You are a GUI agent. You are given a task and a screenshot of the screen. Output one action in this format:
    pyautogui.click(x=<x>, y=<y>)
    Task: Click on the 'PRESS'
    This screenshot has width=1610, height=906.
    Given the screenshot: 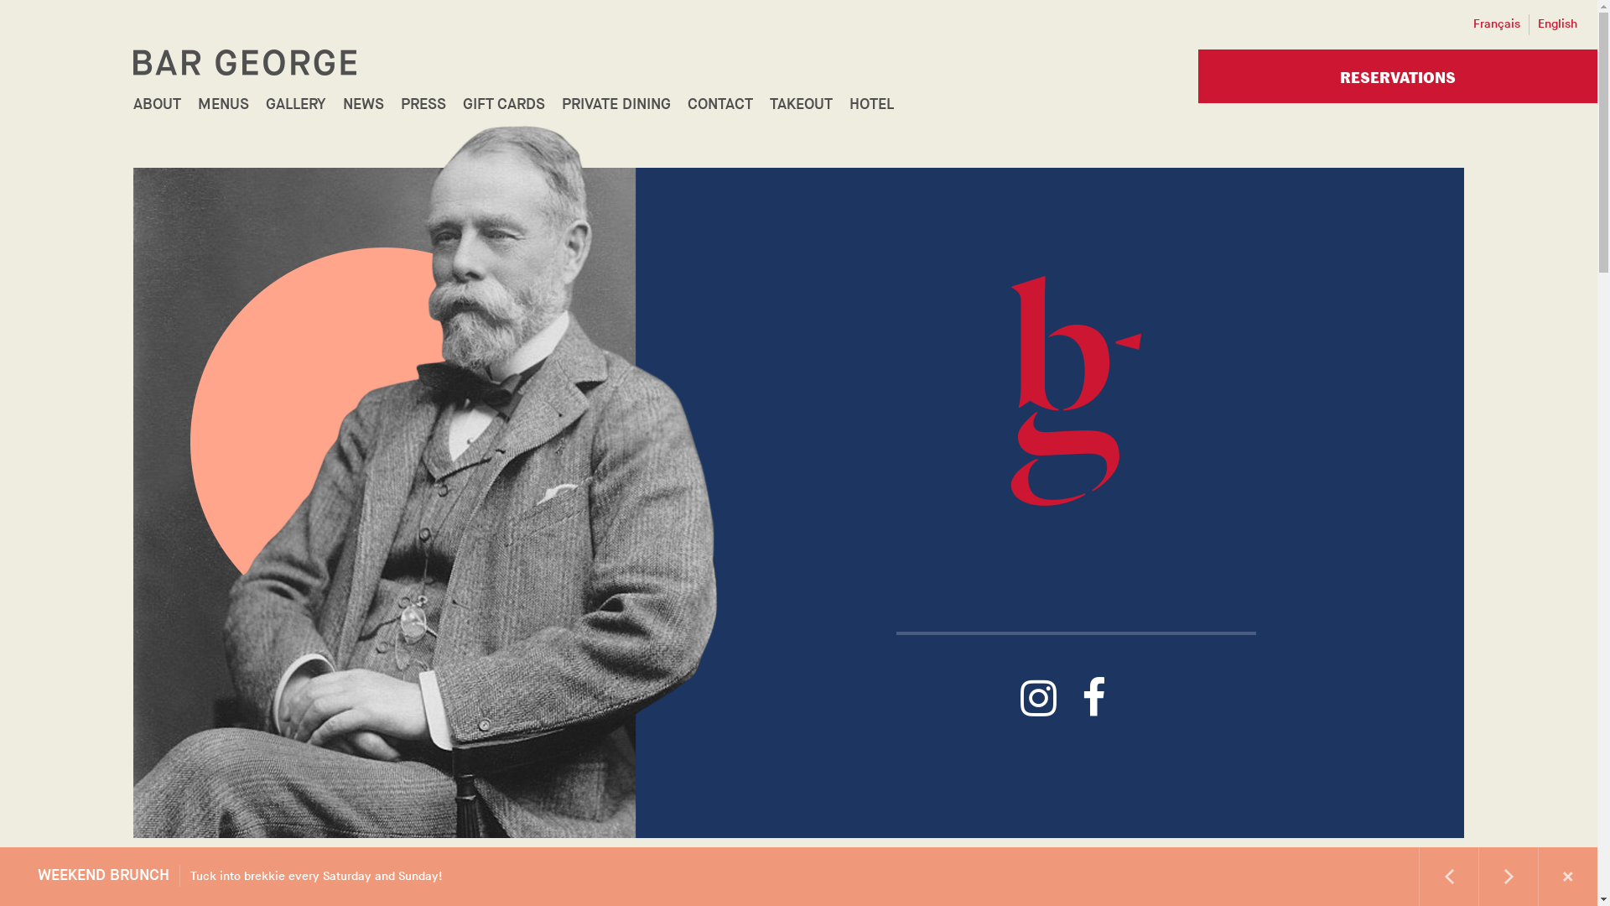 What is the action you would take?
    pyautogui.click(x=423, y=104)
    